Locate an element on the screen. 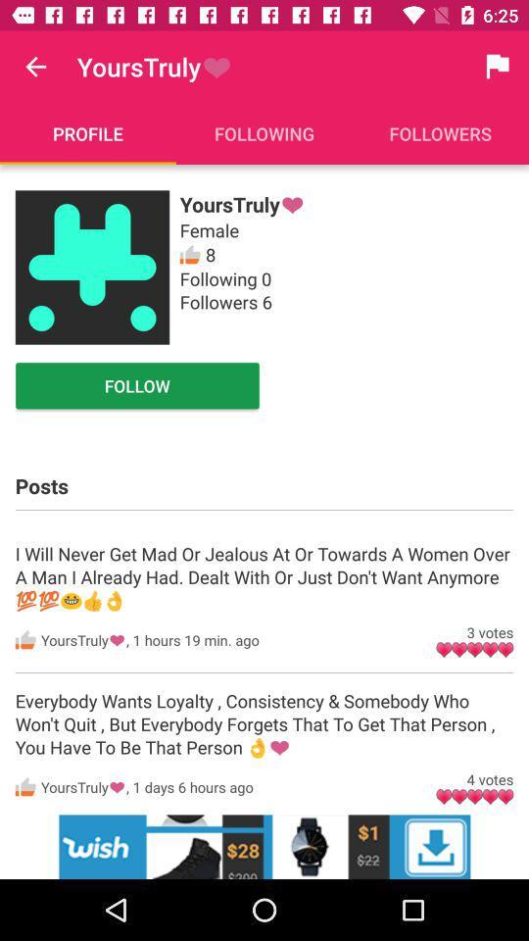 The image size is (529, 941). the option is located at coordinates (264, 846).